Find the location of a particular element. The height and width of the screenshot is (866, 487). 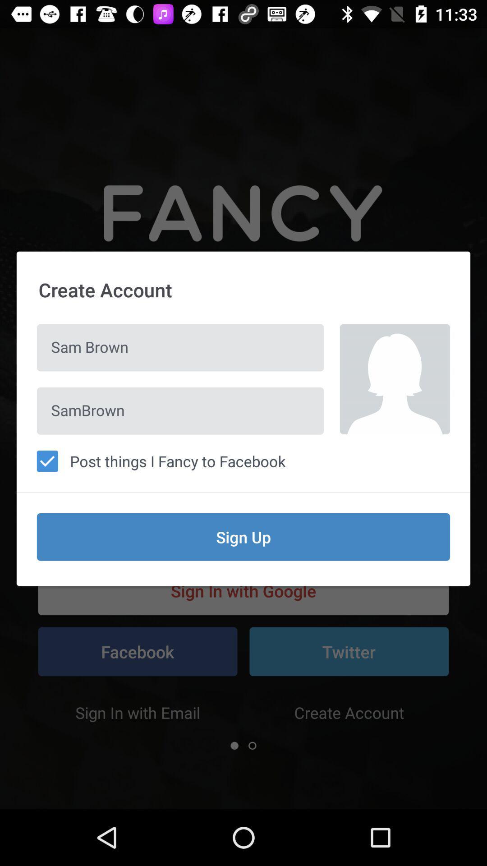

sam brown icon is located at coordinates (180, 347).